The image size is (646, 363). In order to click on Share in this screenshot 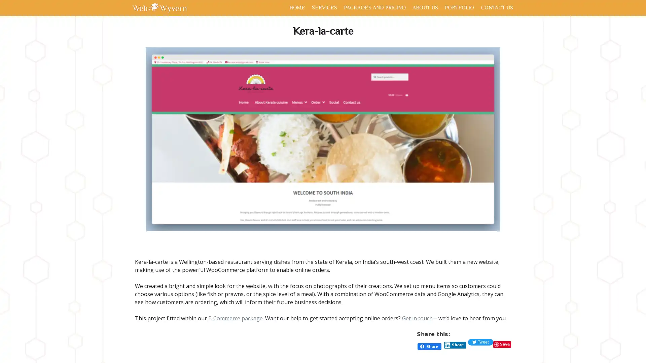, I will do `click(455, 345)`.